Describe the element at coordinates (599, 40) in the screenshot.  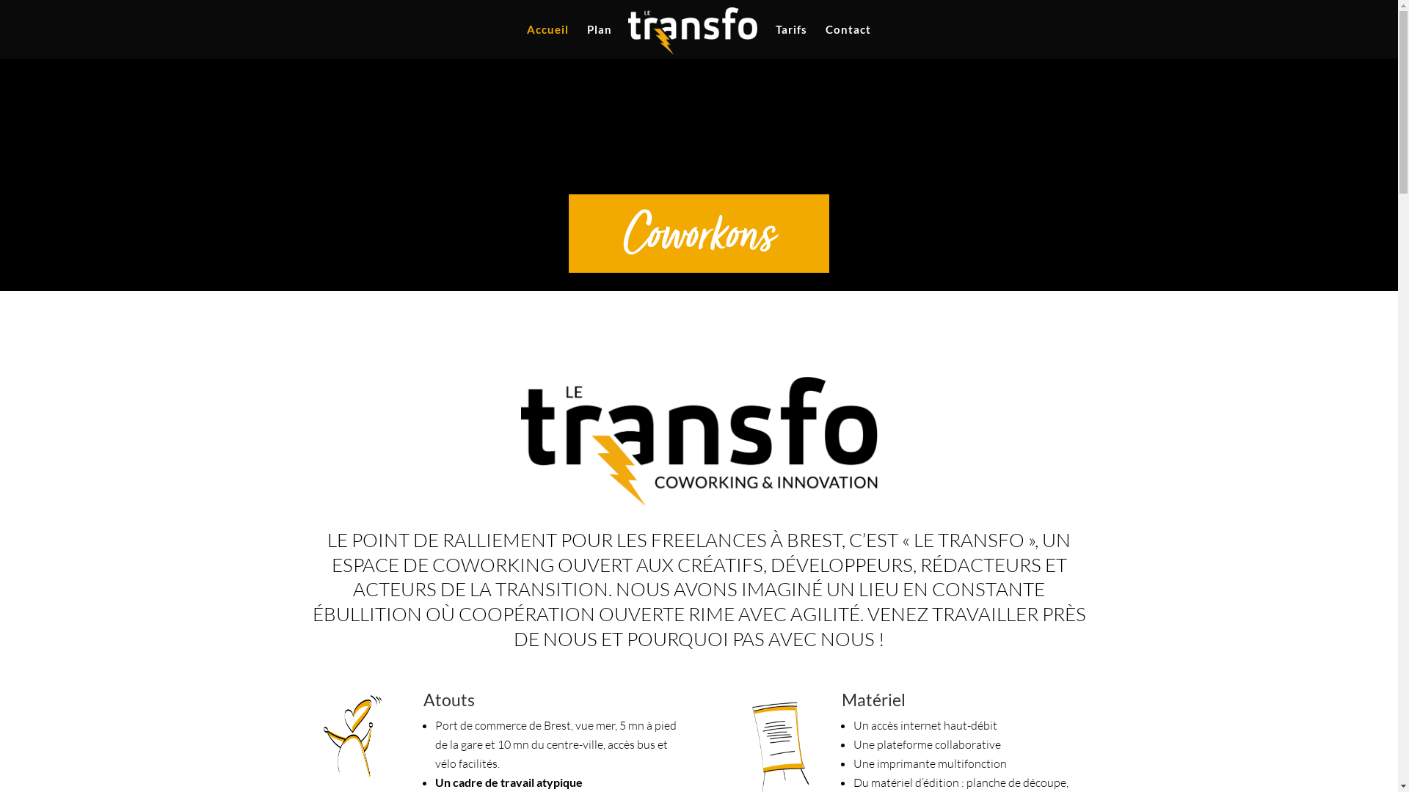
I see `'Plan'` at that location.